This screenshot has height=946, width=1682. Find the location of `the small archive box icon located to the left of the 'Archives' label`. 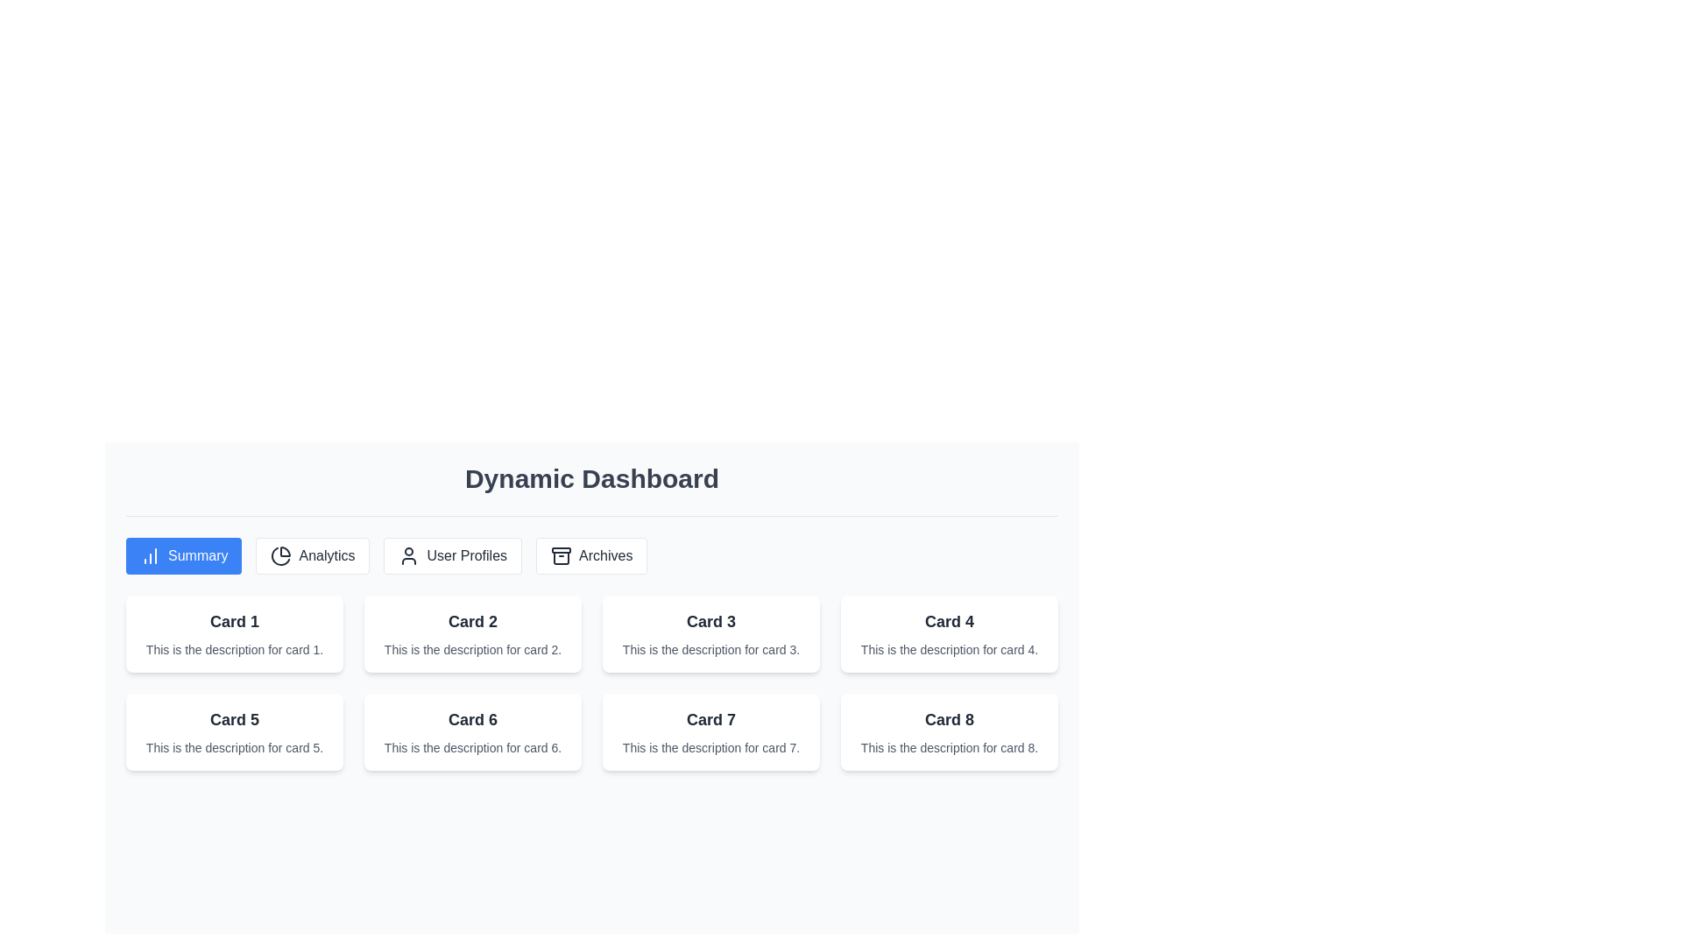

the small archive box icon located to the left of the 'Archives' label is located at coordinates (562, 556).